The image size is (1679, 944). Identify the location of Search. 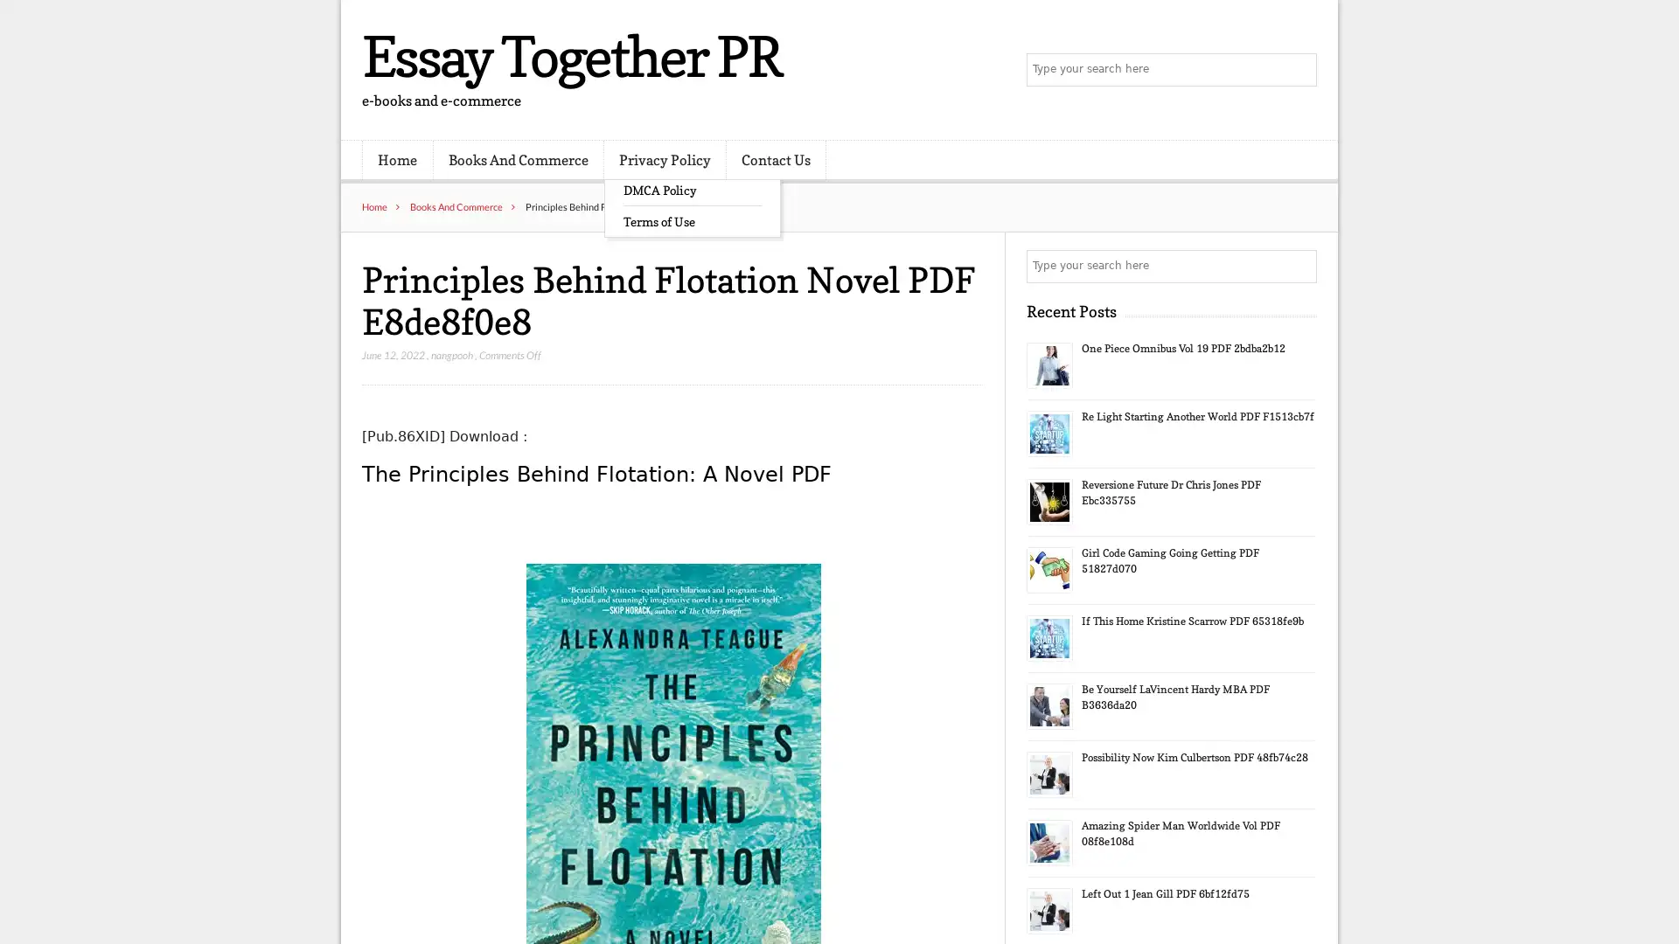
(1299, 266).